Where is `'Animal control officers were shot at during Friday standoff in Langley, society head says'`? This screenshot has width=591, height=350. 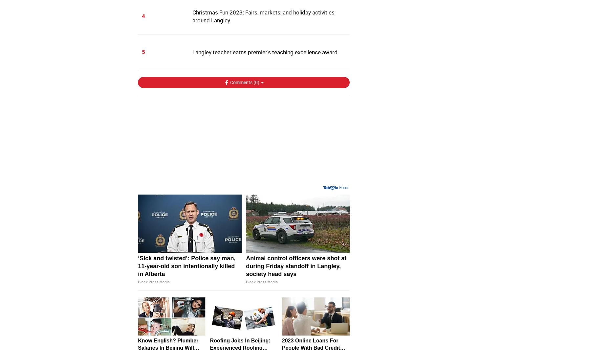 'Animal control officers were shot at during Friday standoff in Langley, society head says' is located at coordinates (241, 312).